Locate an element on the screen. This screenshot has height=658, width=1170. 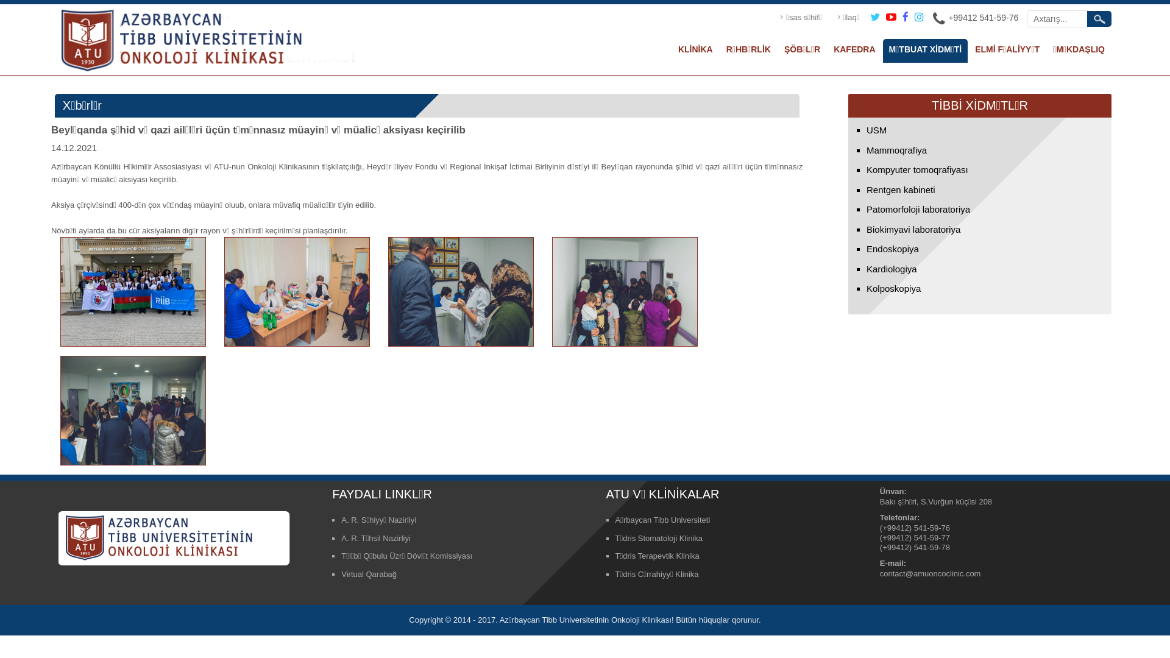
'Patomorfoloji laboratoriya' is located at coordinates (918, 208).